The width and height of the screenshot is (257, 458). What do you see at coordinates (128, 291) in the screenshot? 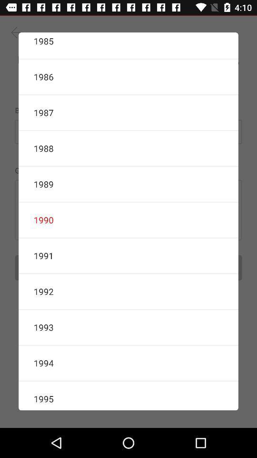
I see `1992 item` at bounding box center [128, 291].